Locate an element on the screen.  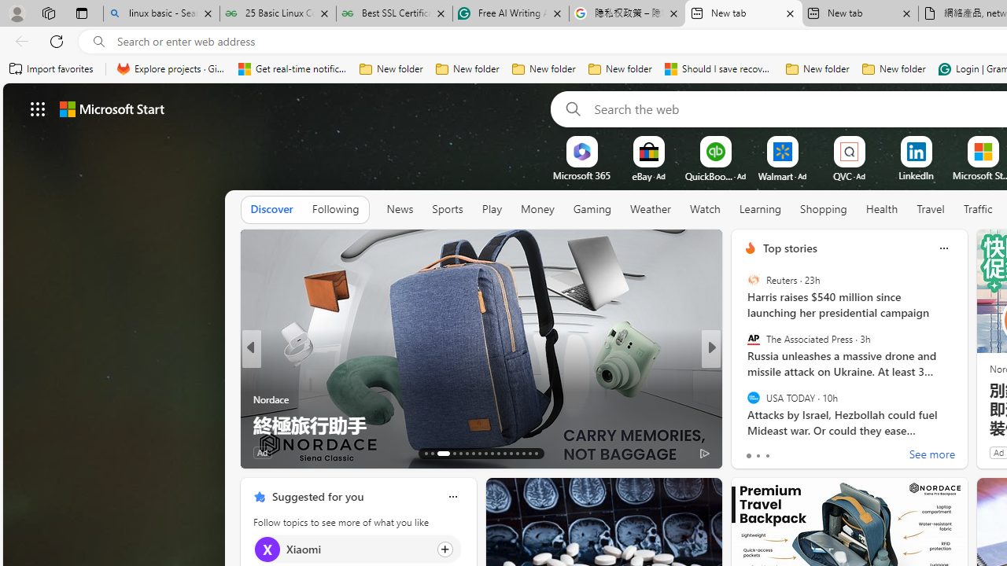
'2 Like' is located at coordinates (748, 452).